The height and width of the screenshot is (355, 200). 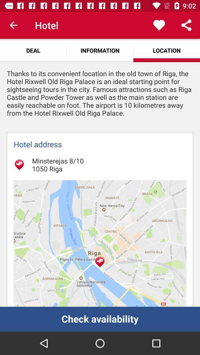 I want to click on icon to the right of information icon, so click(x=159, y=25).